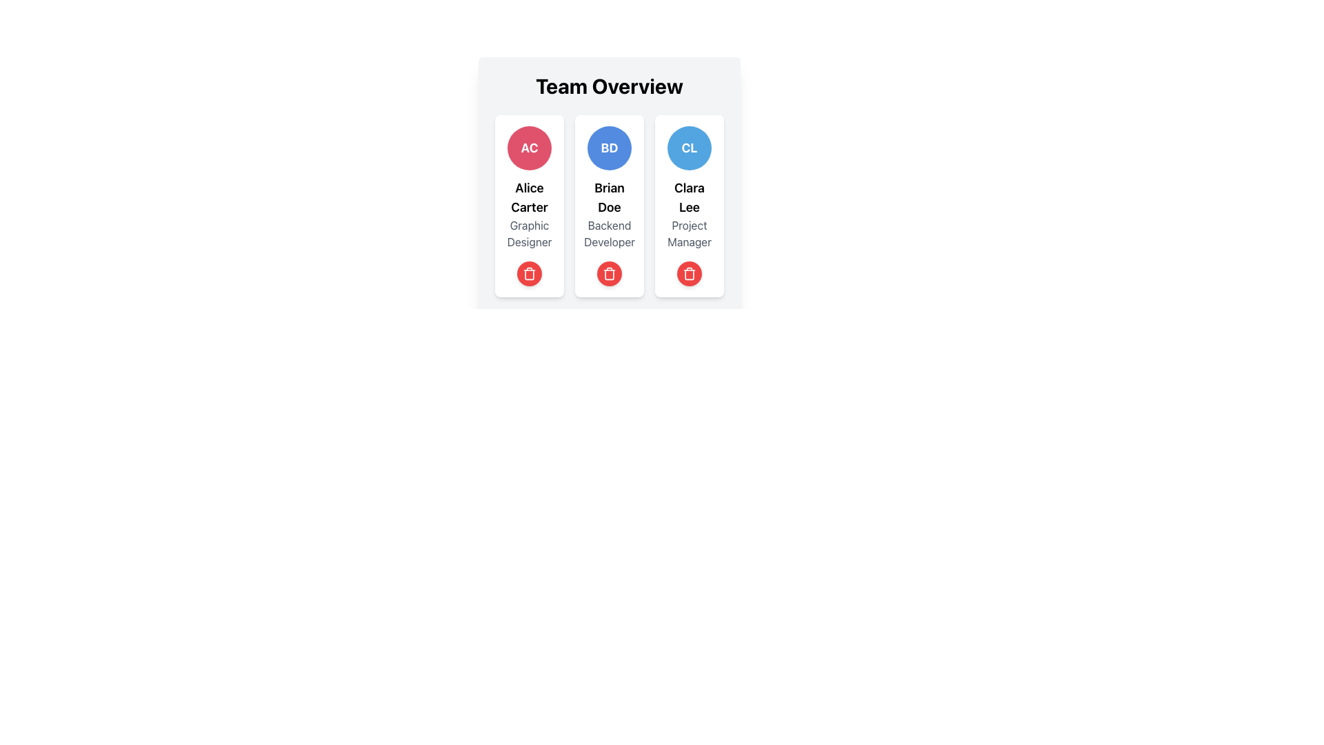 Image resolution: width=1324 pixels, height=745 pixels. I want to click on the deletion button located at the bottom center of the middle profile card under 'Brian Doe' to trigger the hover effects, so click(608, 274).